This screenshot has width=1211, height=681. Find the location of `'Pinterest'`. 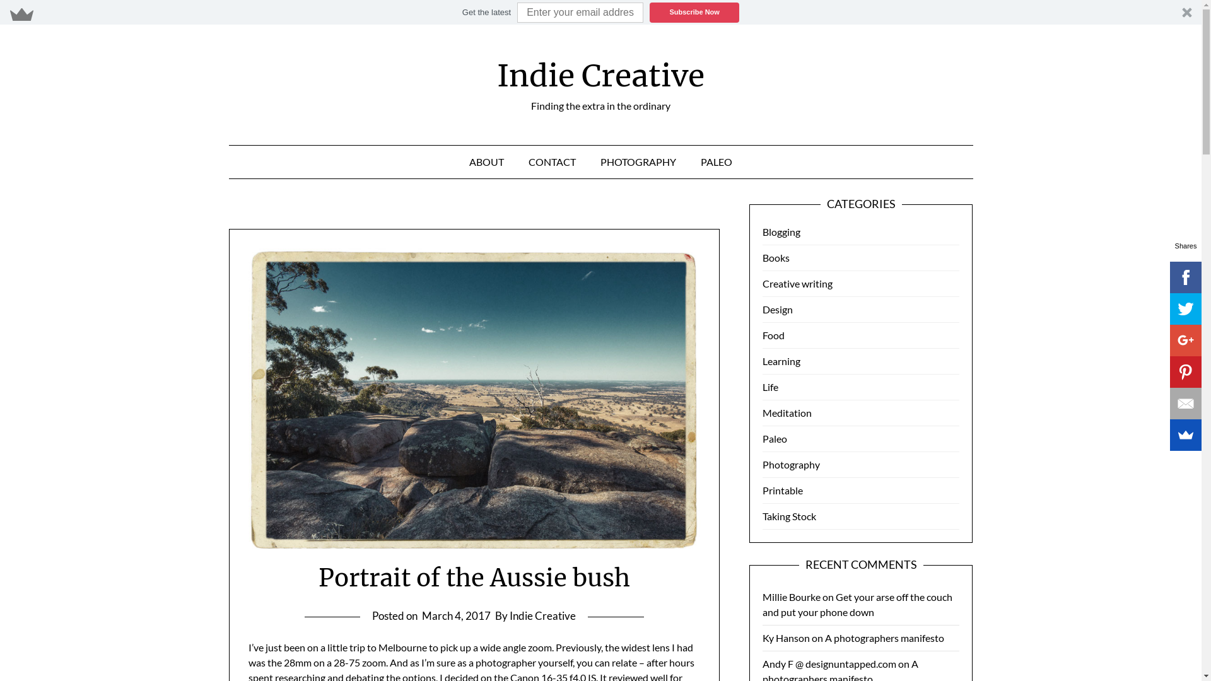

'Pinterest' is located at coordinates (1185, 371).